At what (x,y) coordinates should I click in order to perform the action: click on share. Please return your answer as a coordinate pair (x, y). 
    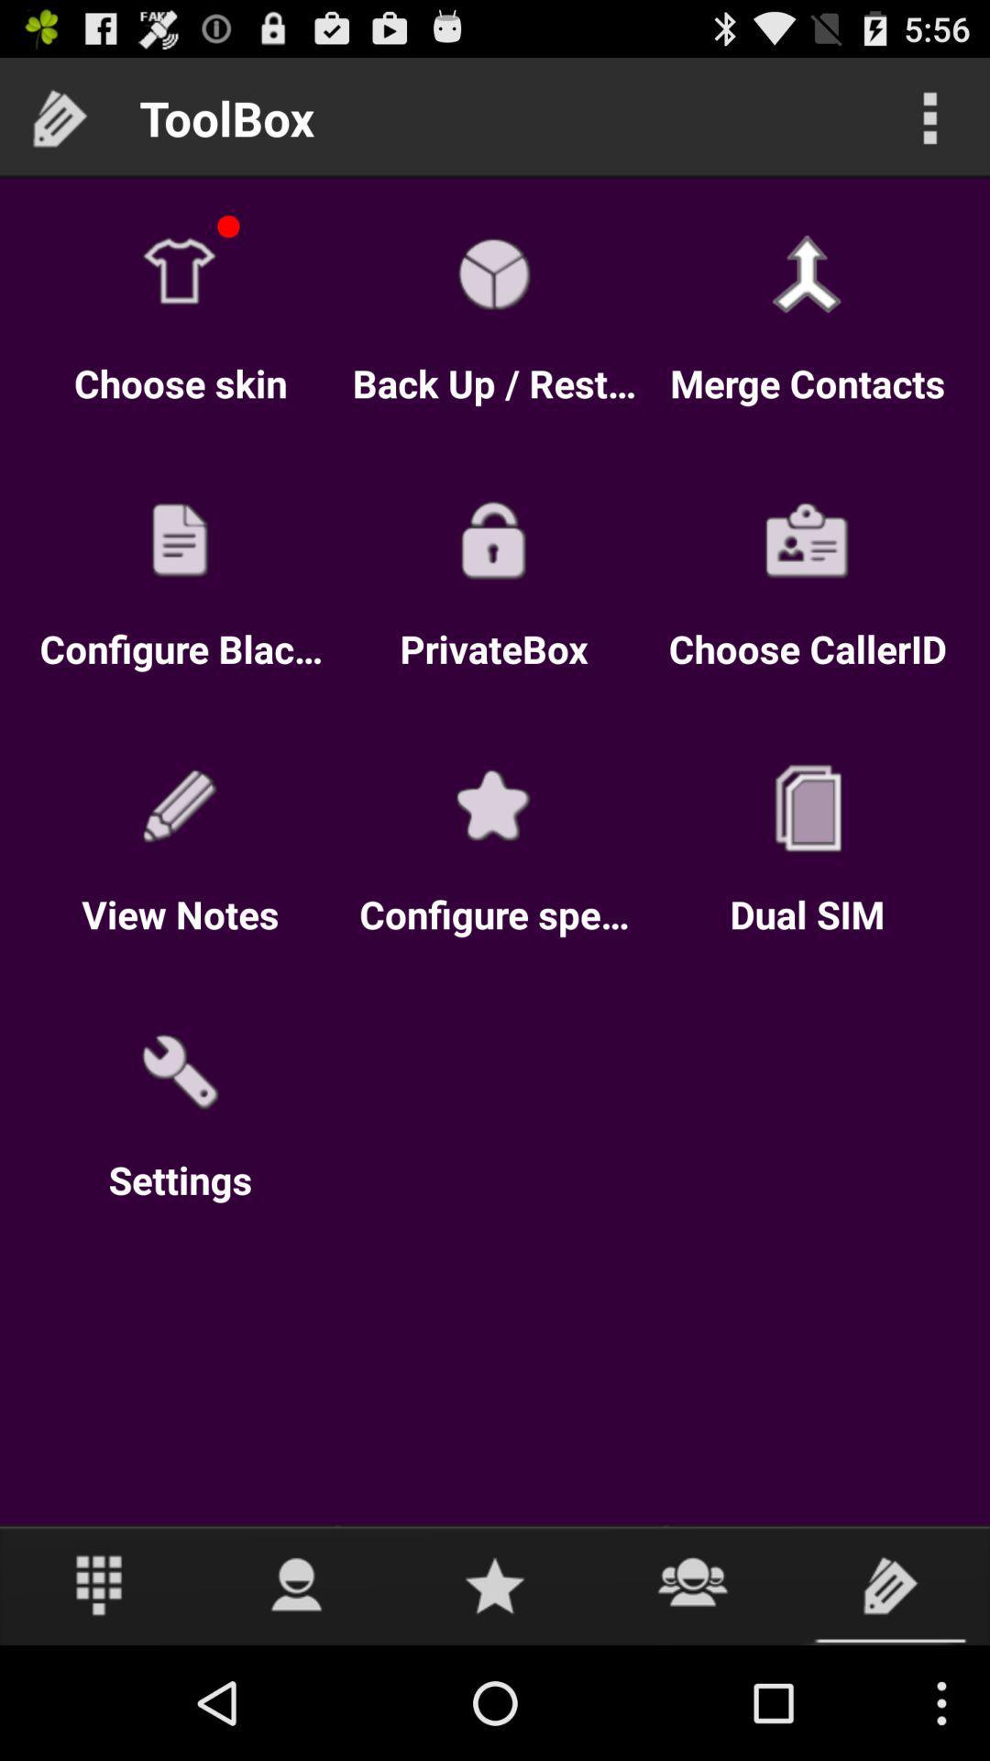
    Looking at the image, I should click on (693, 1584).